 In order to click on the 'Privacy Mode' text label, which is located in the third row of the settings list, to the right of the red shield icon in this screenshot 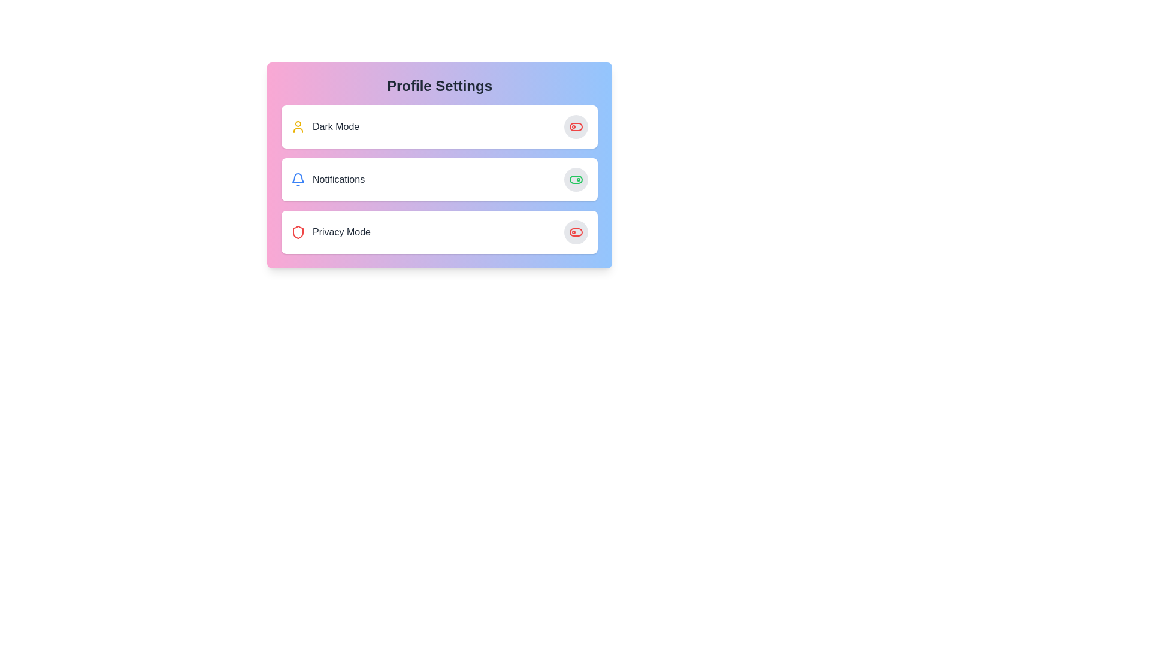, I will do `click(341, 232)`.